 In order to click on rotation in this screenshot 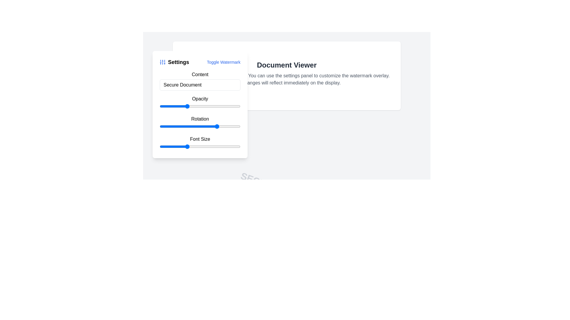, I will do `click(193, 126)`.